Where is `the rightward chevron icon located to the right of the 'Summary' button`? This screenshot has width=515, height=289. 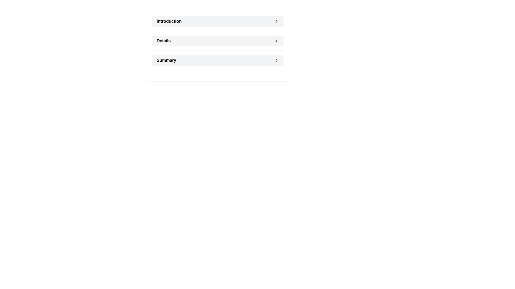 the rightward chevron icon located to the right of the 'Summary' button is located at coordinates (277, 60).